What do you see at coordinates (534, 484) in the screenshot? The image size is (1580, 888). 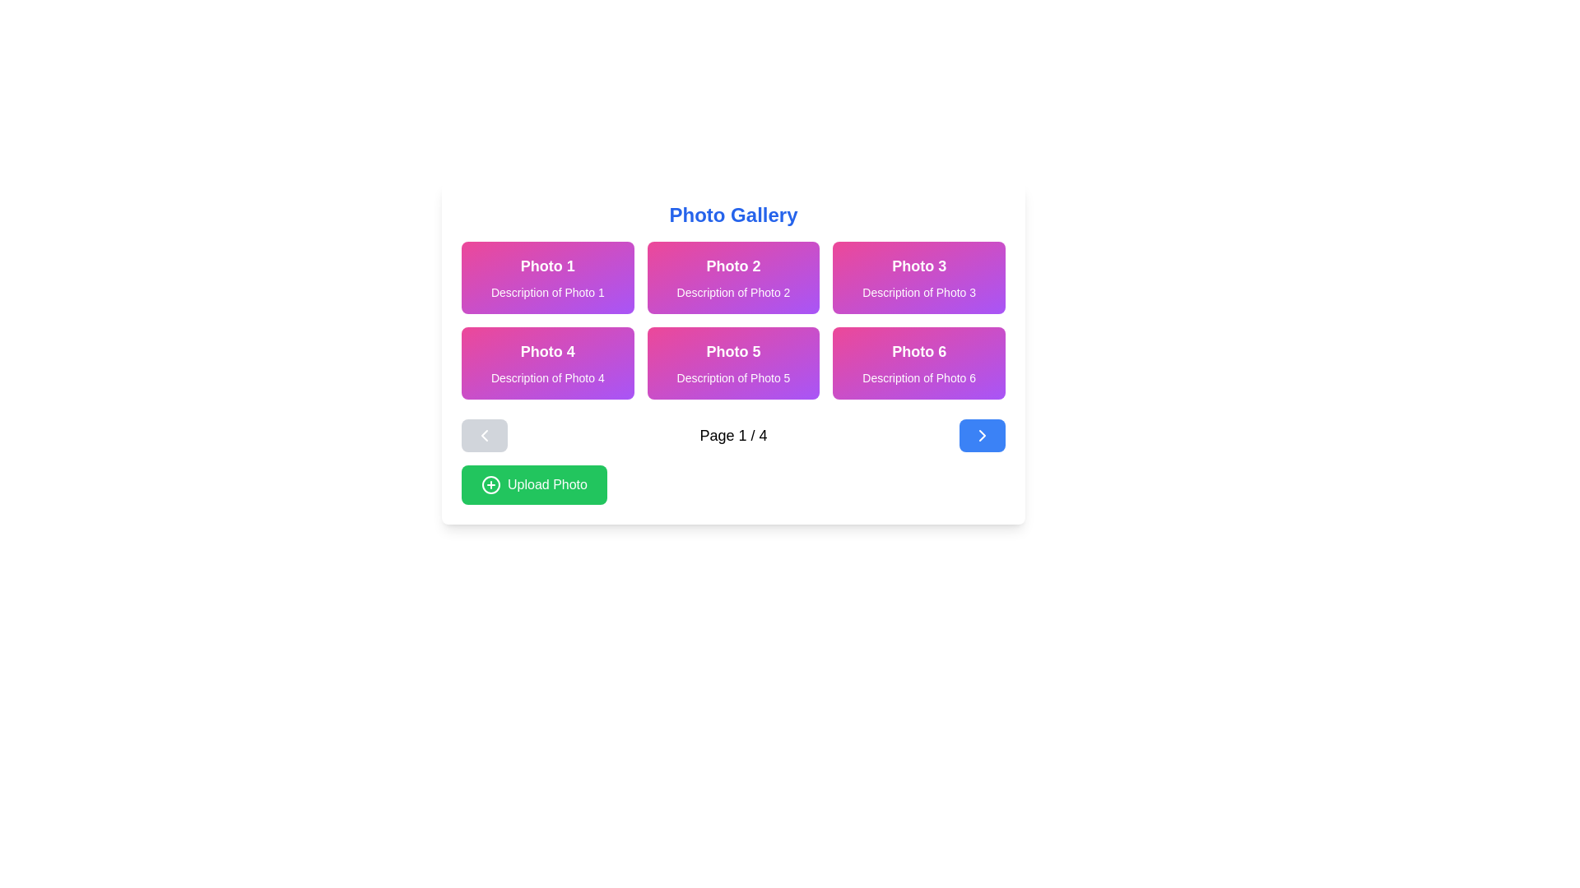 I see `the button located at the bottom-left corner of the 'Photo Gallery' section` at bounding box center [534, 484].